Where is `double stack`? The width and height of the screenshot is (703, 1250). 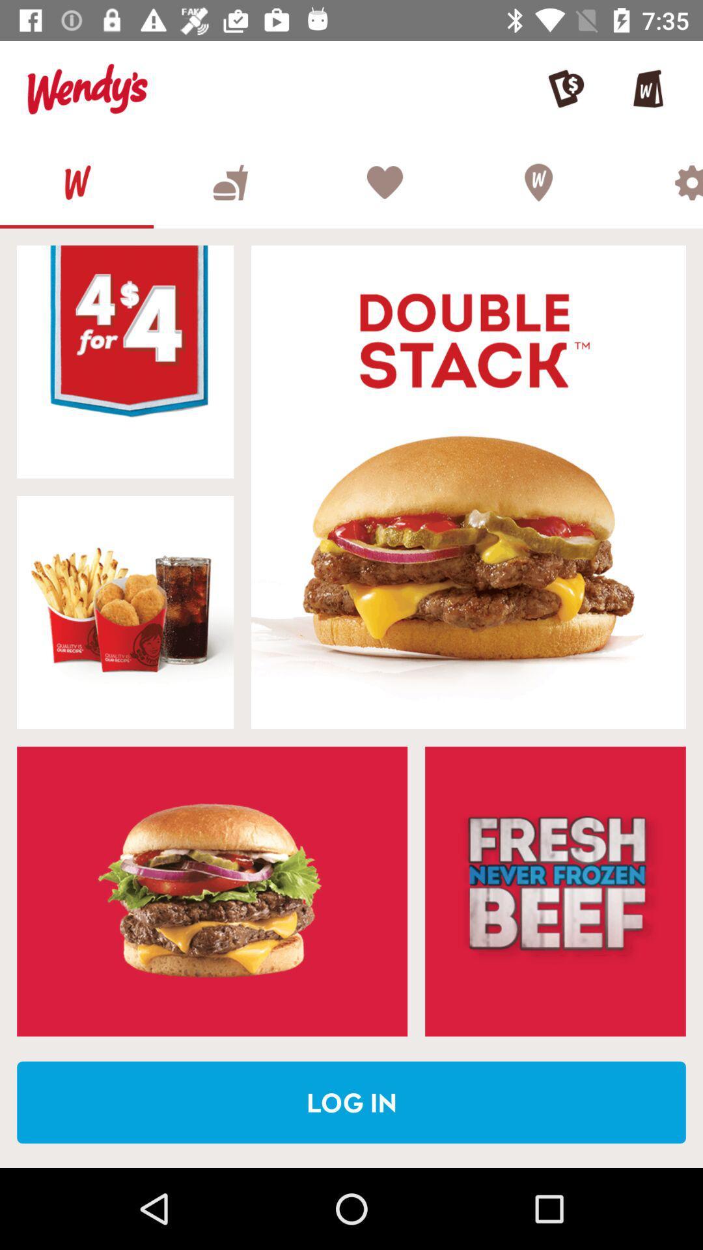
double stack is located at coordinates (469, 486).